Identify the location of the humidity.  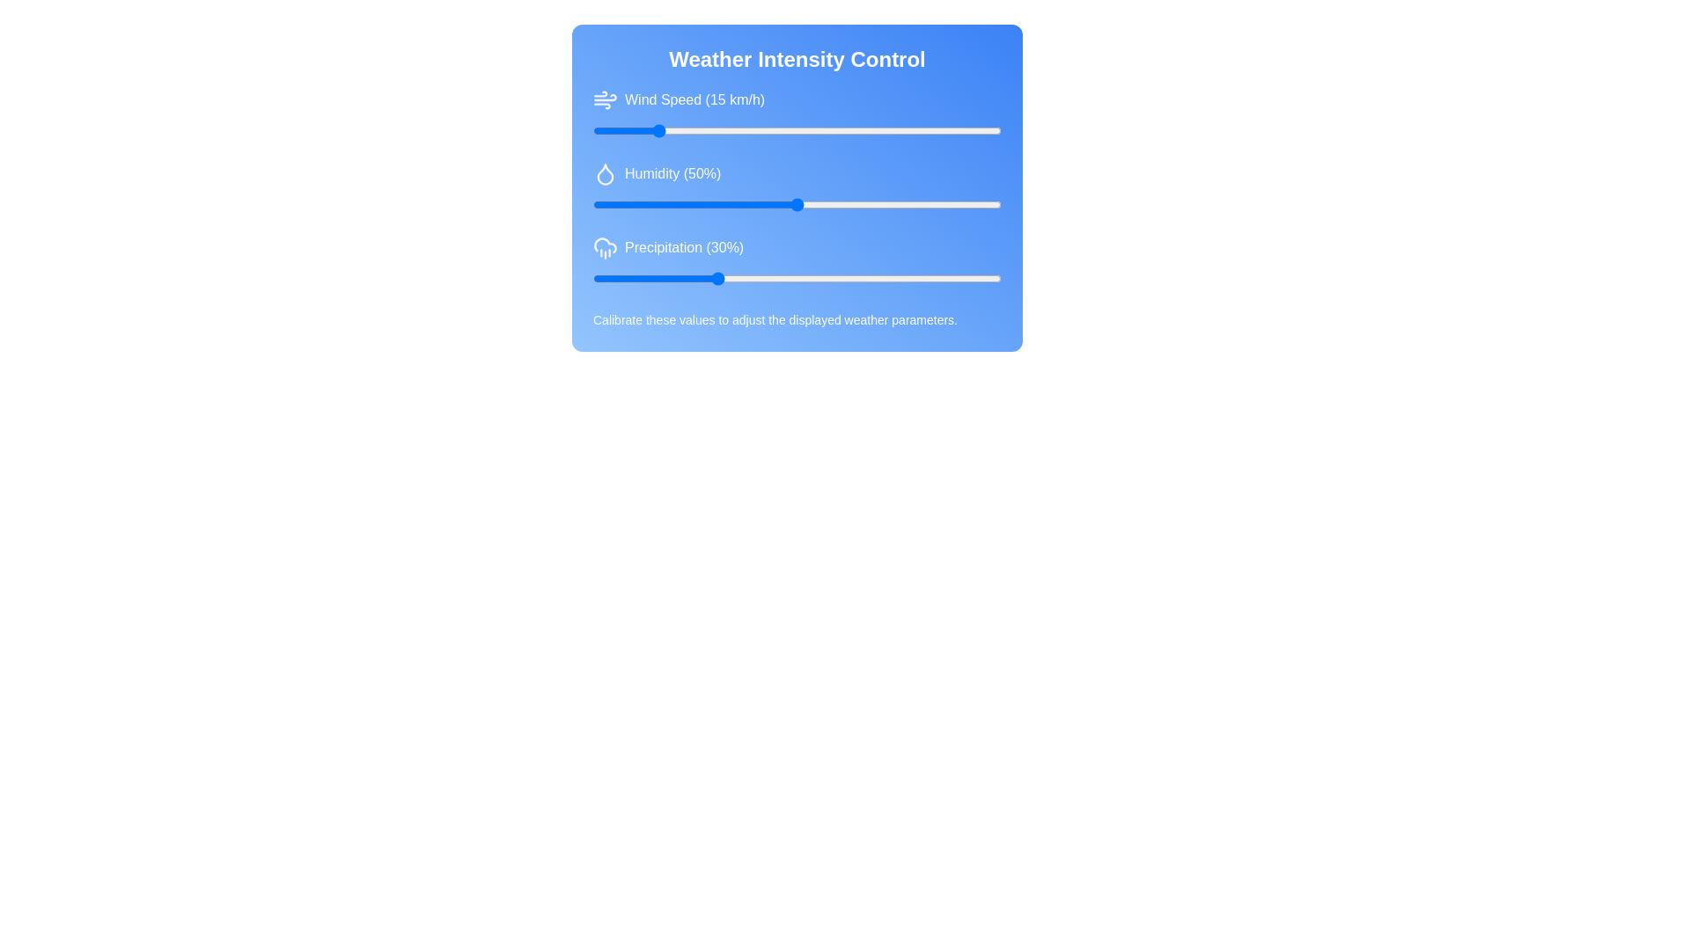
(820, 203).